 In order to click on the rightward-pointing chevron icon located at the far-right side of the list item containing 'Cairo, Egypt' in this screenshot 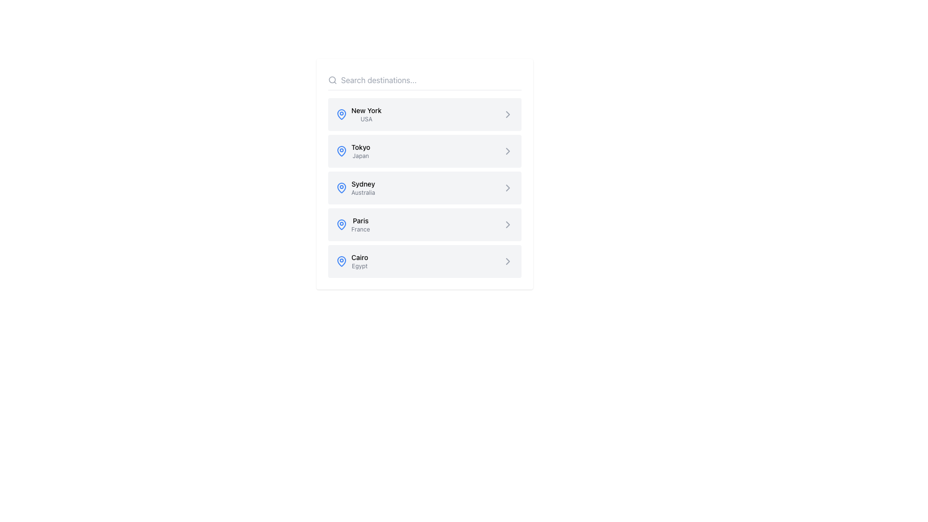, I will do `click(507, 261)`.